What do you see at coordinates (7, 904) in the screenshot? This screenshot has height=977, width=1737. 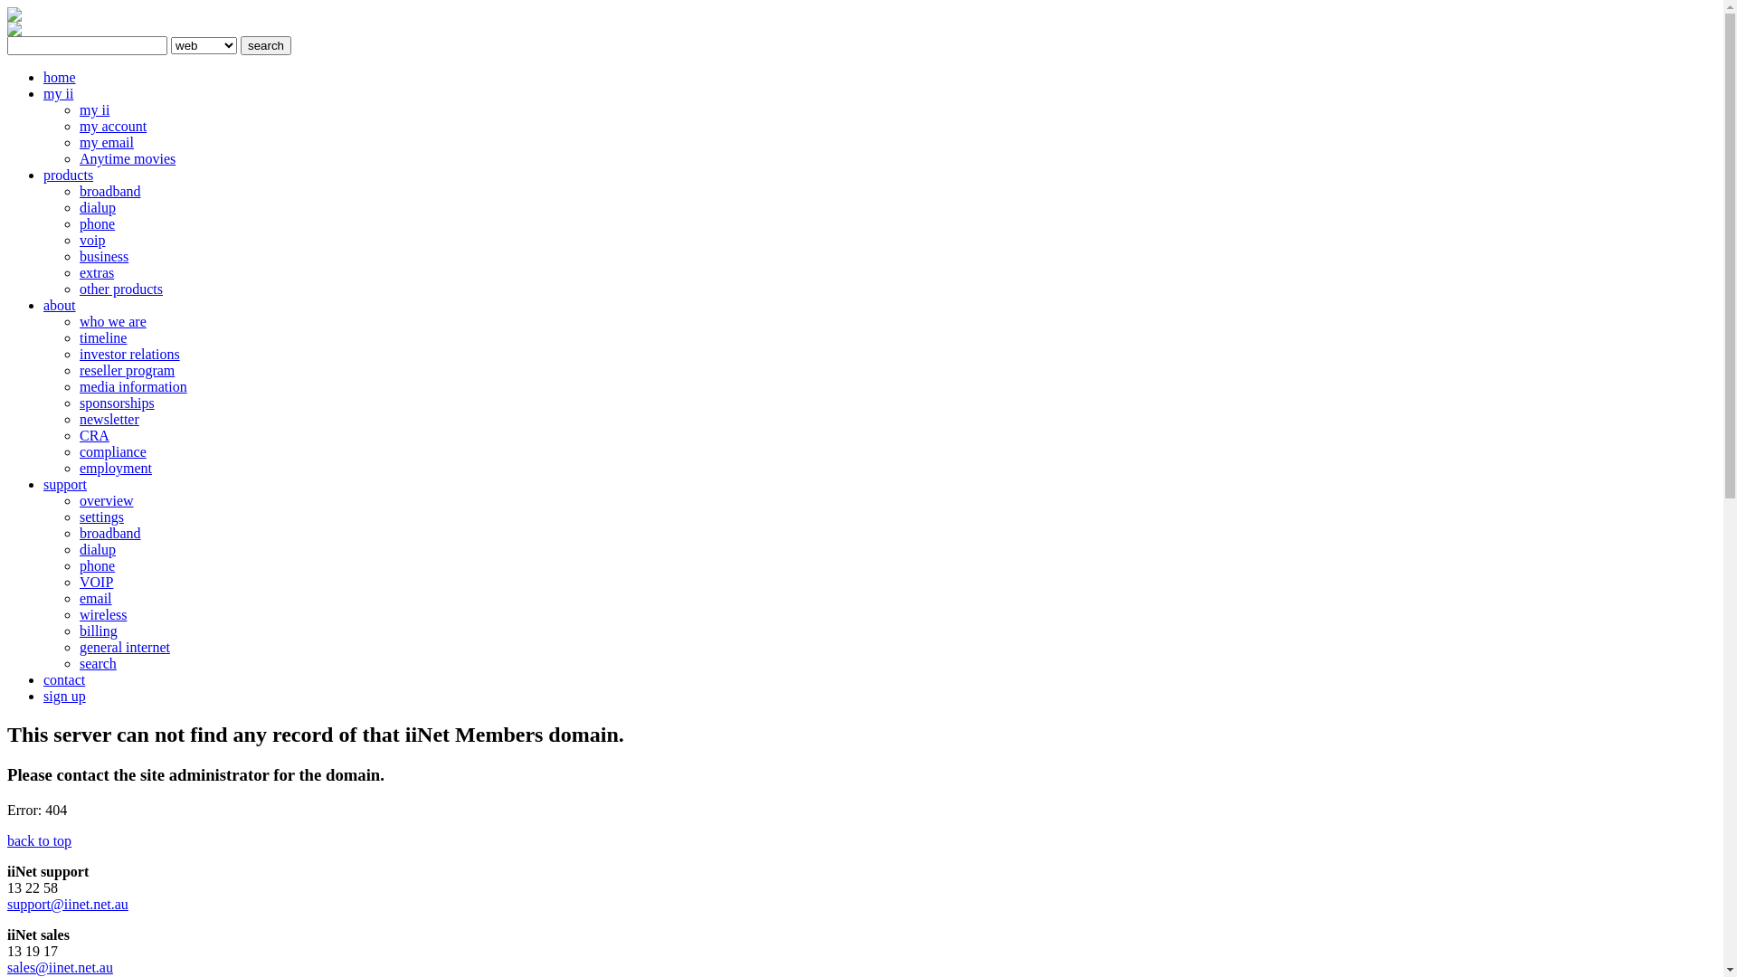 I see `'support@iinet.net.au'` at bounding box center [7, 904].